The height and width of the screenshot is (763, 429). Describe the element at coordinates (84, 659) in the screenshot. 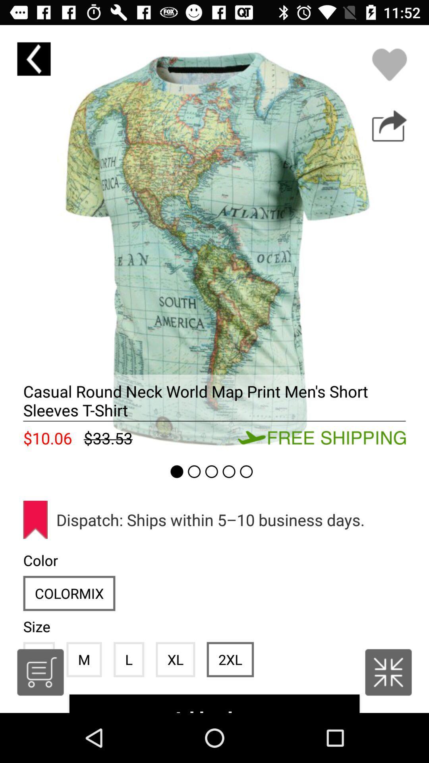

I see `the item below colormix` at that location.